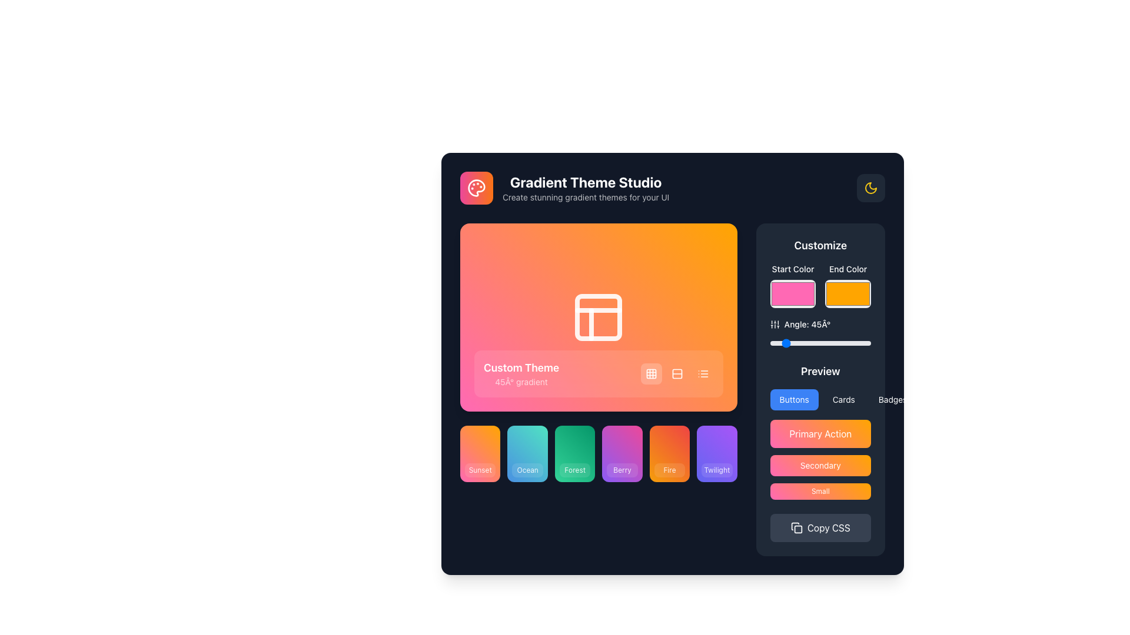  Describe the element at coordinates (703, 374) in the screenshot. I see `the third interactive button with a list icon located at the bottom right of the color theme preview box` at that location.